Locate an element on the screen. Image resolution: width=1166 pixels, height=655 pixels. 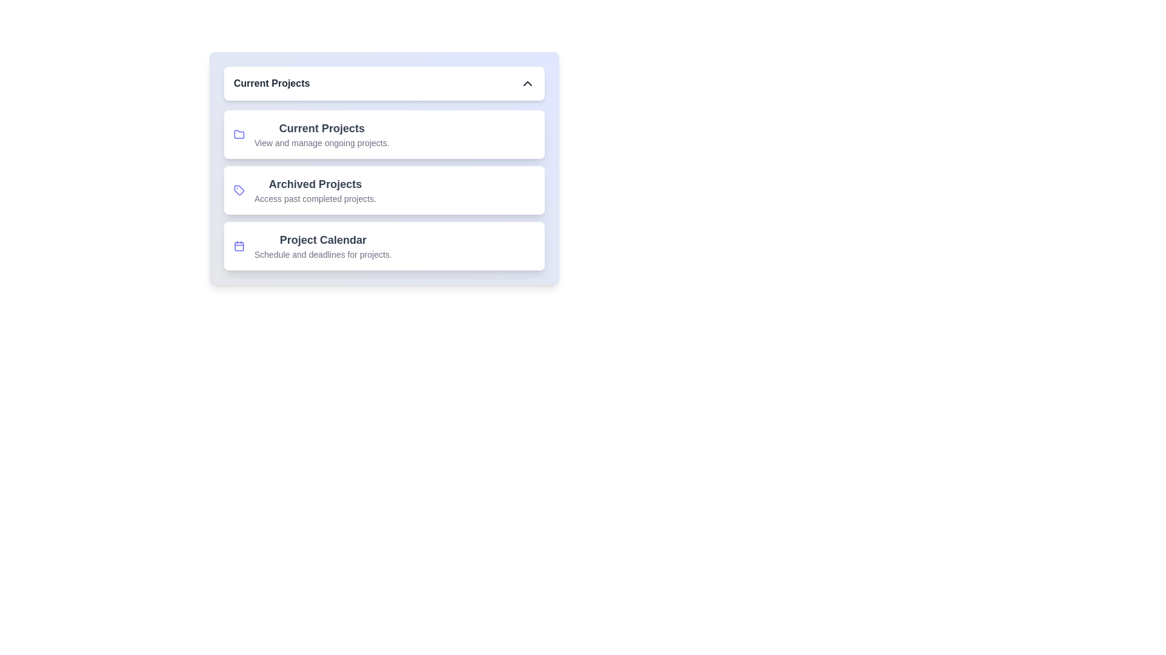
the project item Project Calendar from the navigation menu is located at coordinates (384, 246).